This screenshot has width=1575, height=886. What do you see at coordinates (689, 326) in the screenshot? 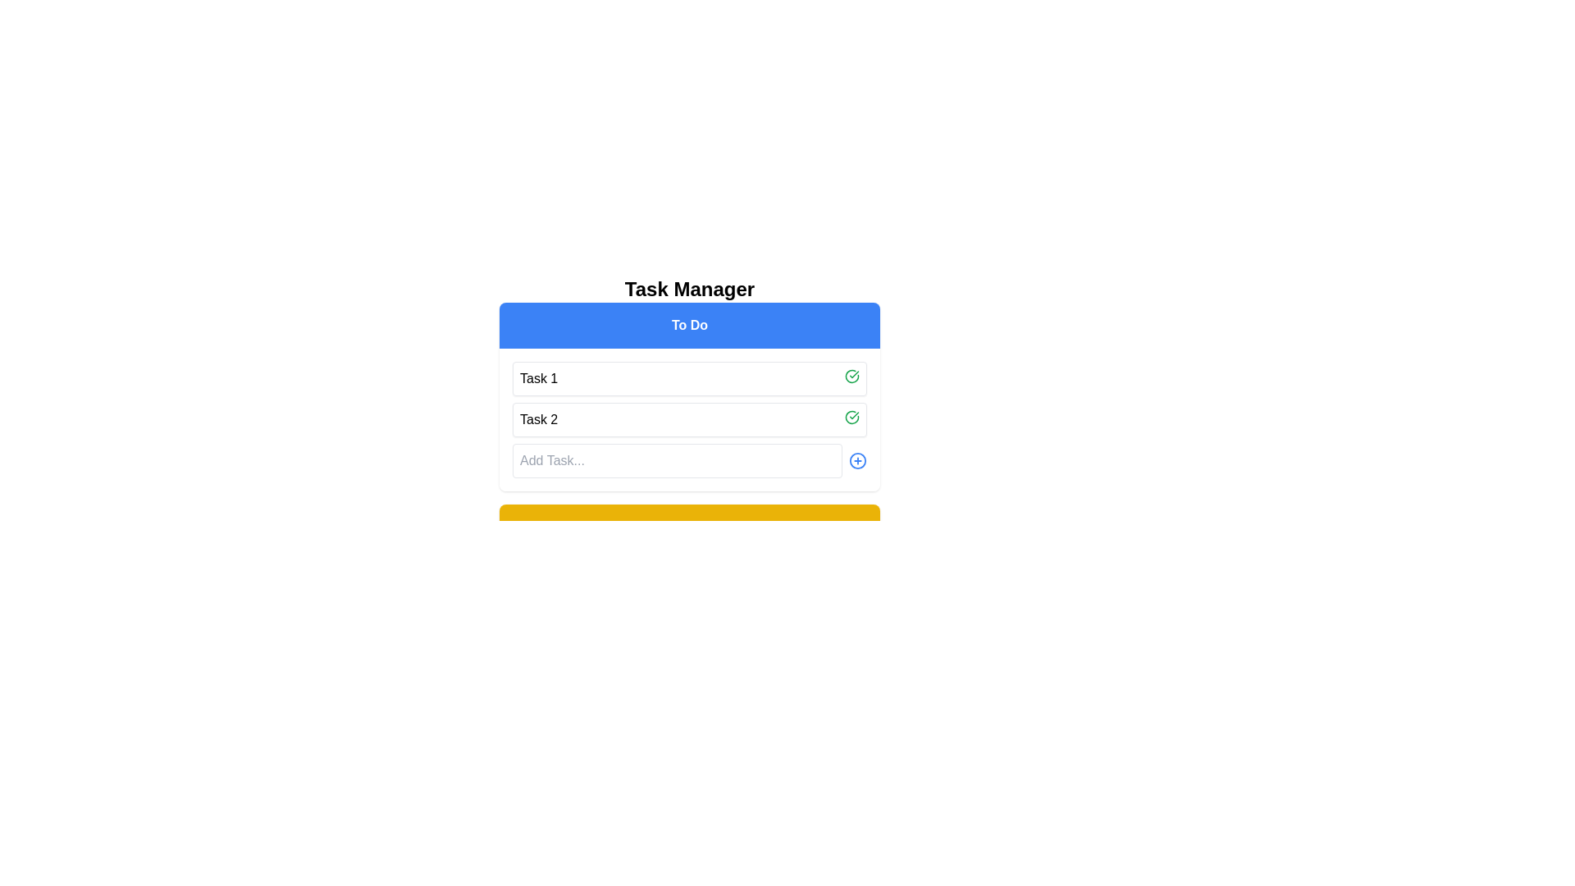
I see `the header element at the top of the task card that indicates the purpose or category of the tasks listed below` at bounding box center [689, 326].